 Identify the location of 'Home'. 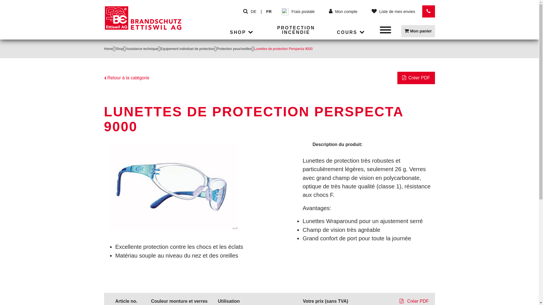
(109, 49).